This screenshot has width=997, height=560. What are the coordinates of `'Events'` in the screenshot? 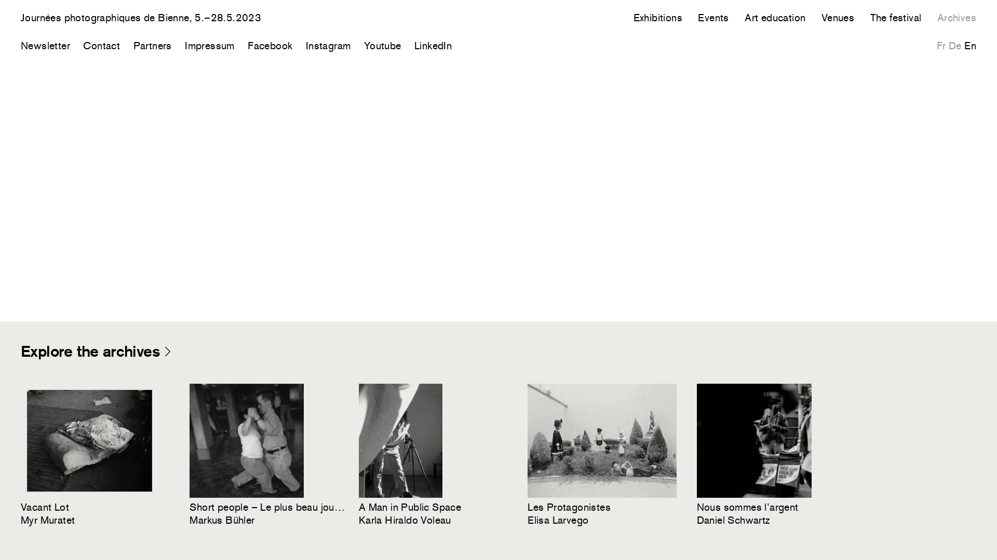 It's located at (698, 18).